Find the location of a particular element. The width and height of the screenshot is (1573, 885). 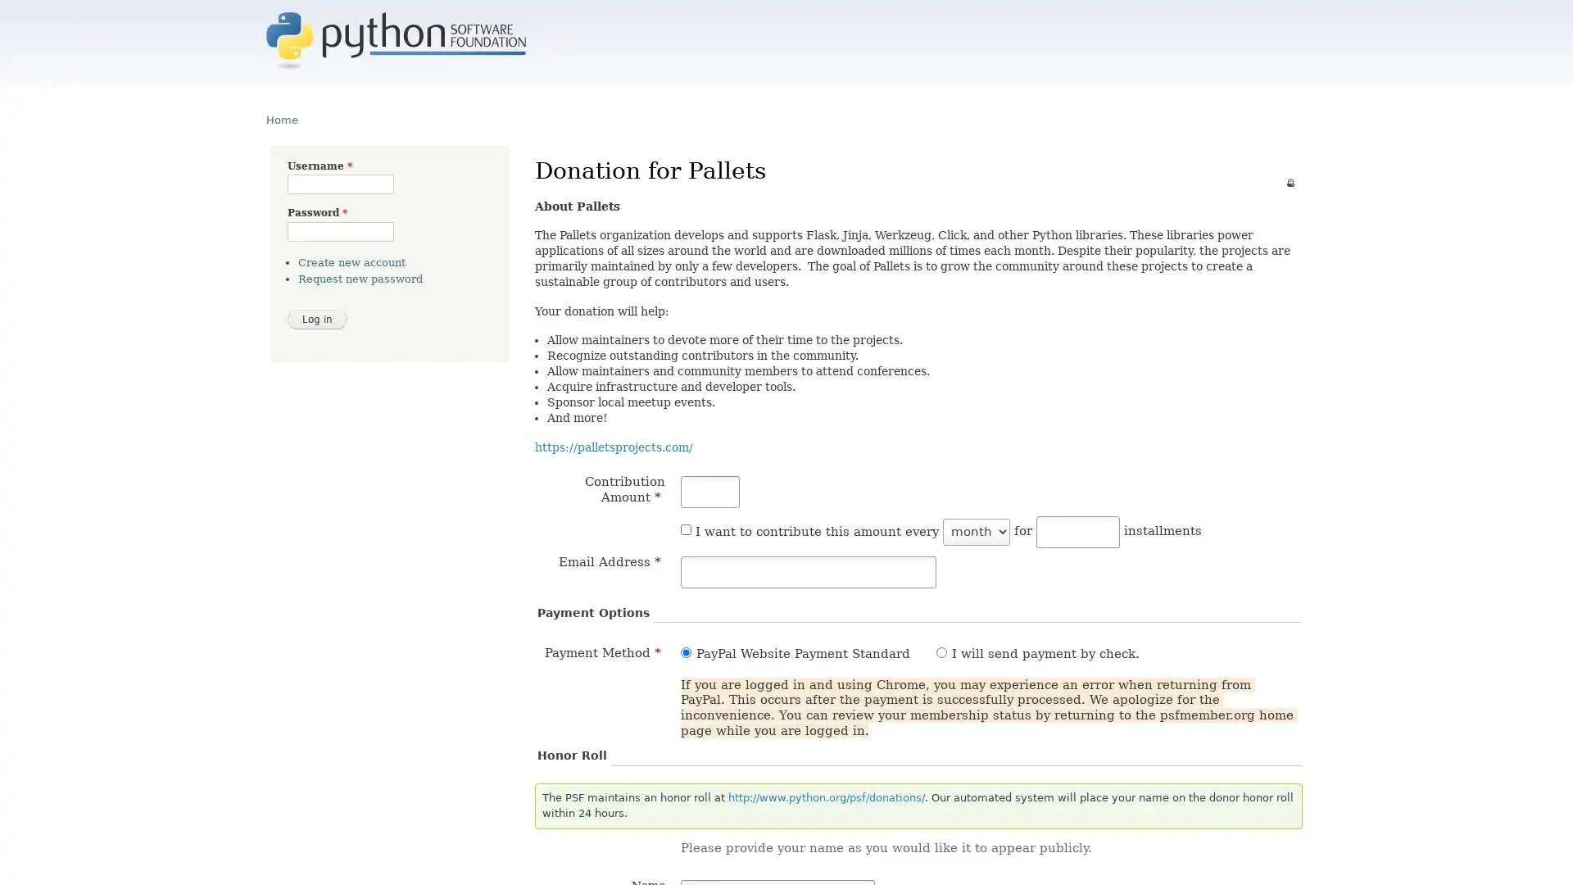

Log in is located at coordinates (317, 319).